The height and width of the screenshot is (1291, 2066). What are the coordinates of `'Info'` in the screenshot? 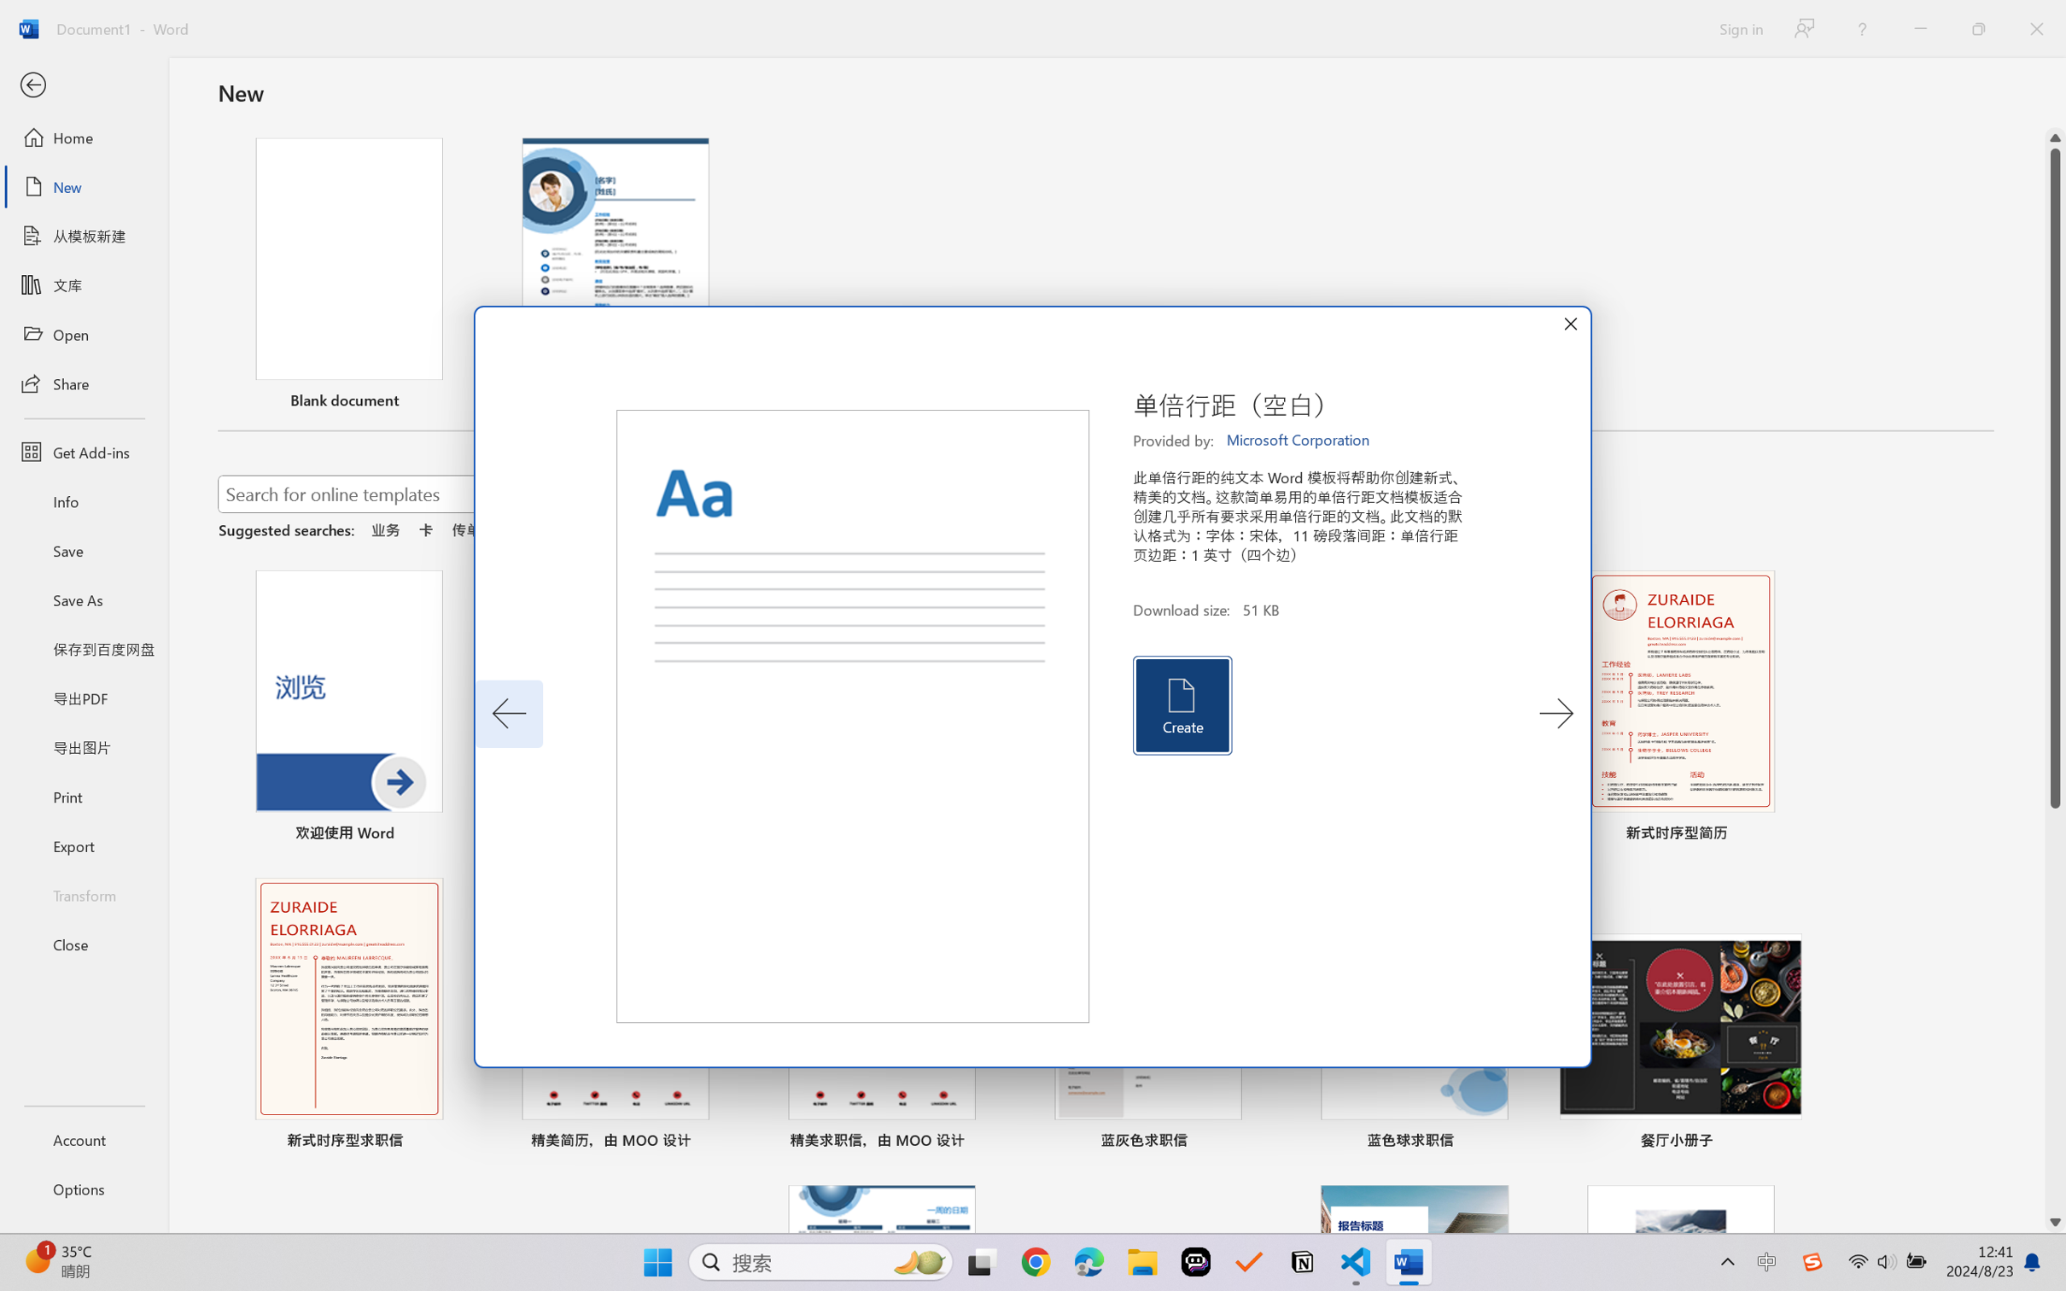 It's located at (83, 500).